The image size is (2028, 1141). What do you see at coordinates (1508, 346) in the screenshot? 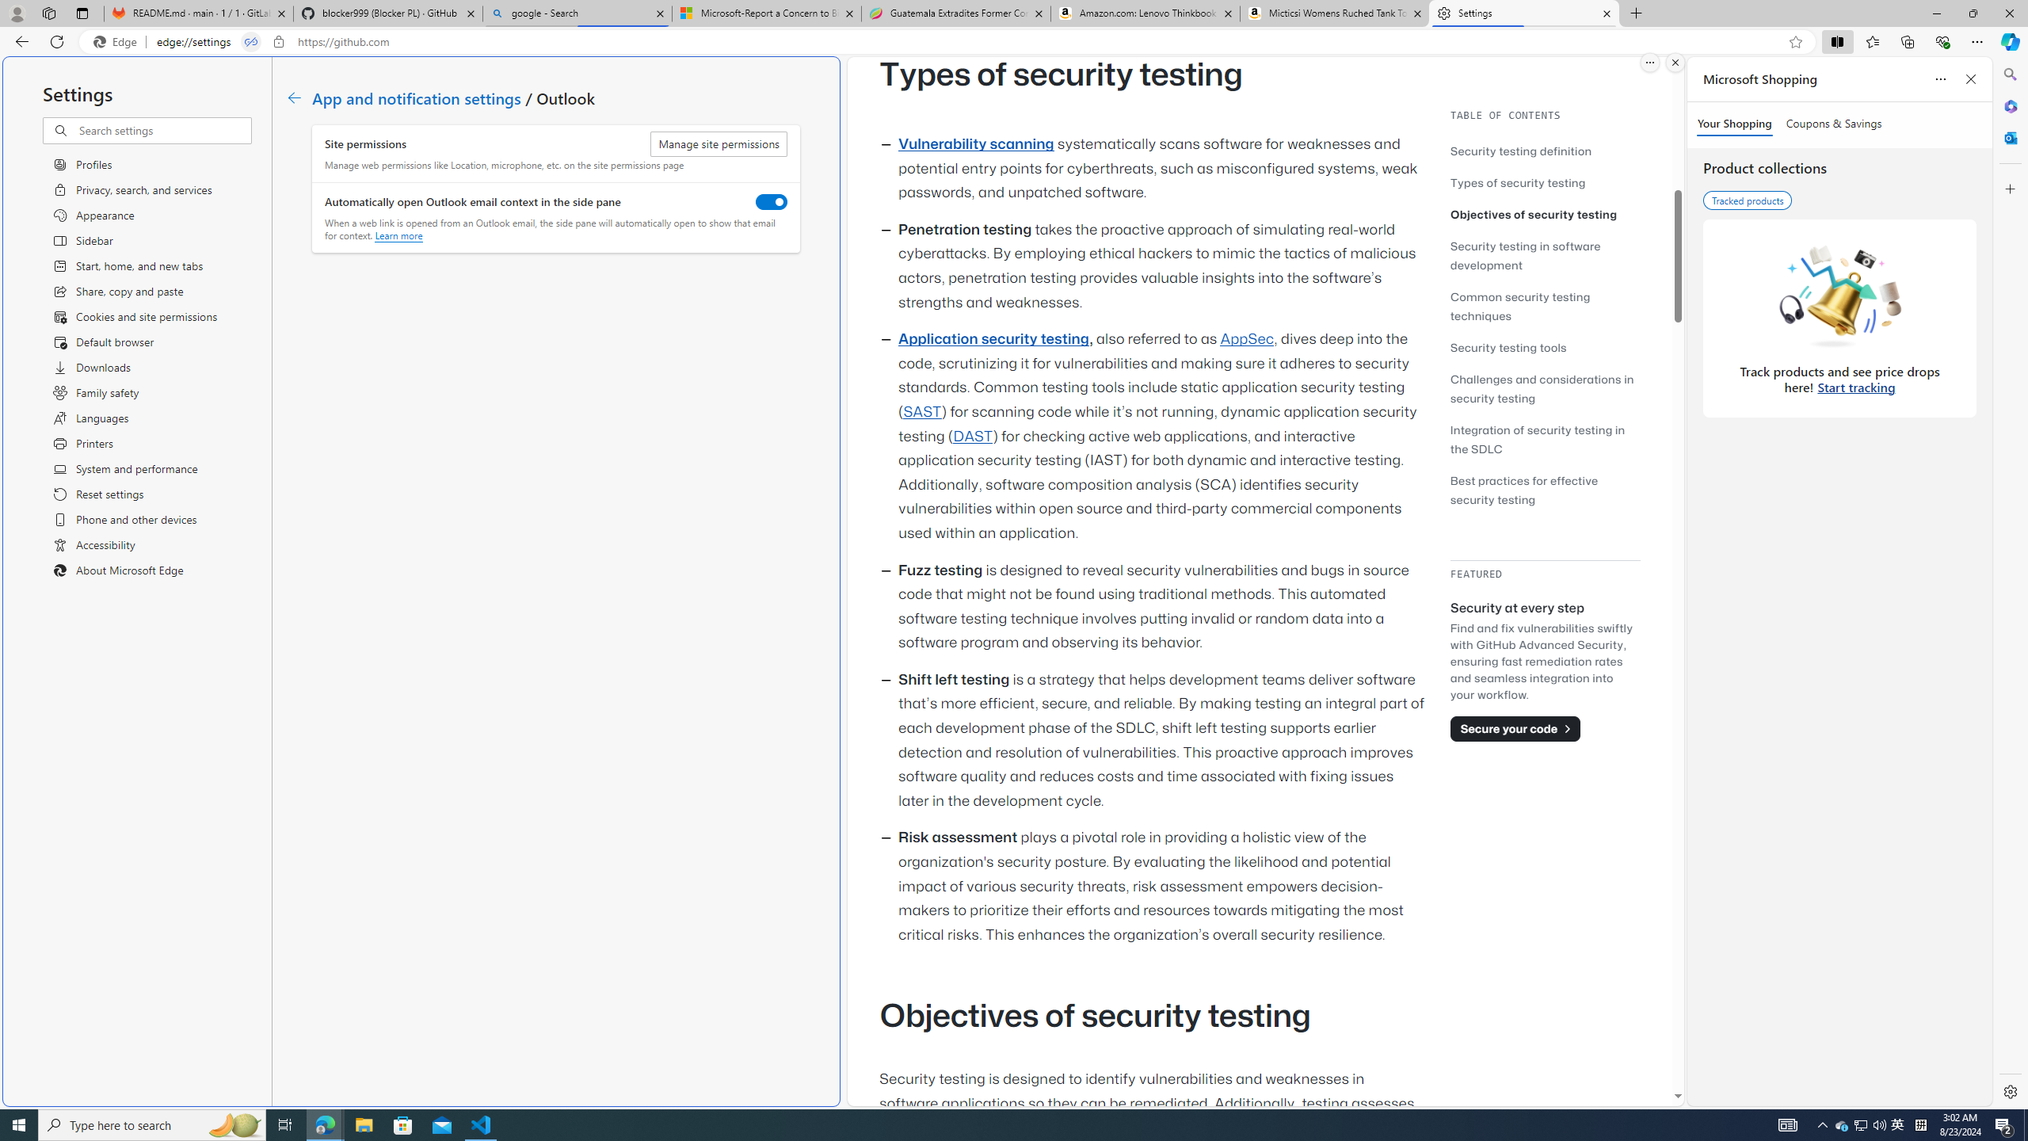
I see `'Security testing tools'` at bounding box center [1508, 346].